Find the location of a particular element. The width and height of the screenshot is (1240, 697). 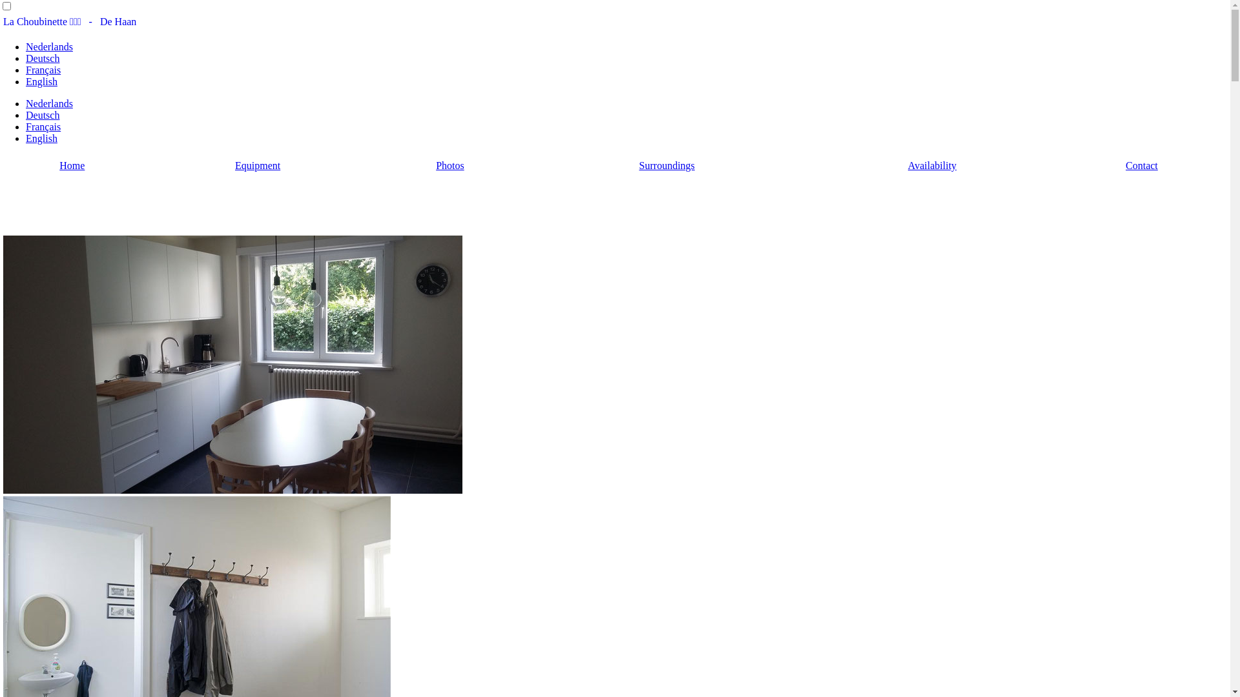

'Deutsch' is located at coordinates (43, 114).